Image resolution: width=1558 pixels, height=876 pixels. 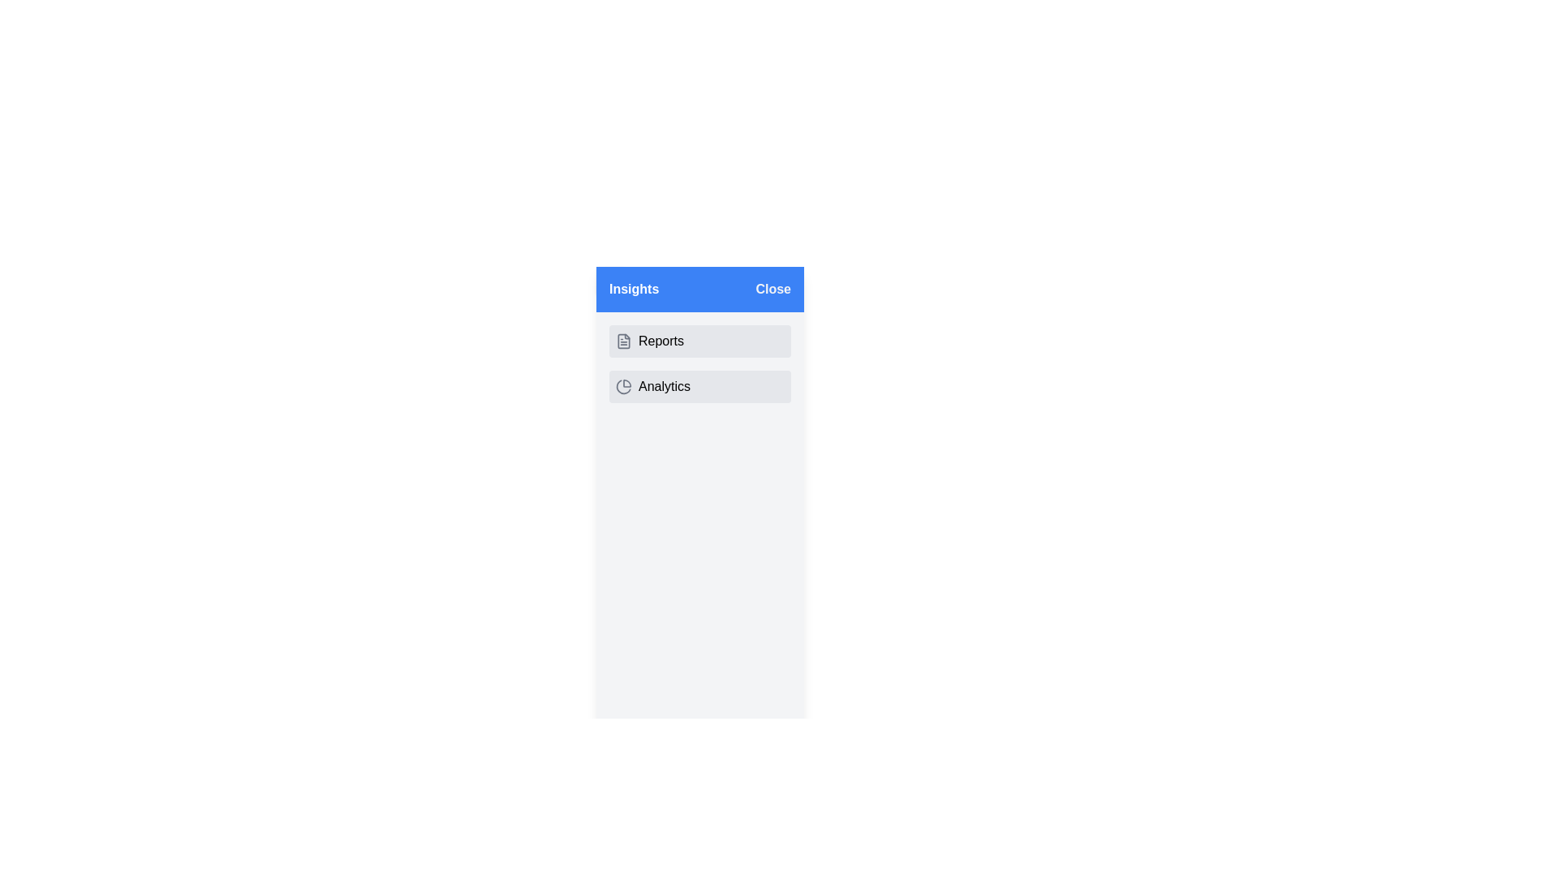 What do you see at coordinates (633, 289) in the screenshot?
I see `the 'Insights' text label displayed in white on the blue header bar at the top of the vertical panel` at bounding box center [633, 289].